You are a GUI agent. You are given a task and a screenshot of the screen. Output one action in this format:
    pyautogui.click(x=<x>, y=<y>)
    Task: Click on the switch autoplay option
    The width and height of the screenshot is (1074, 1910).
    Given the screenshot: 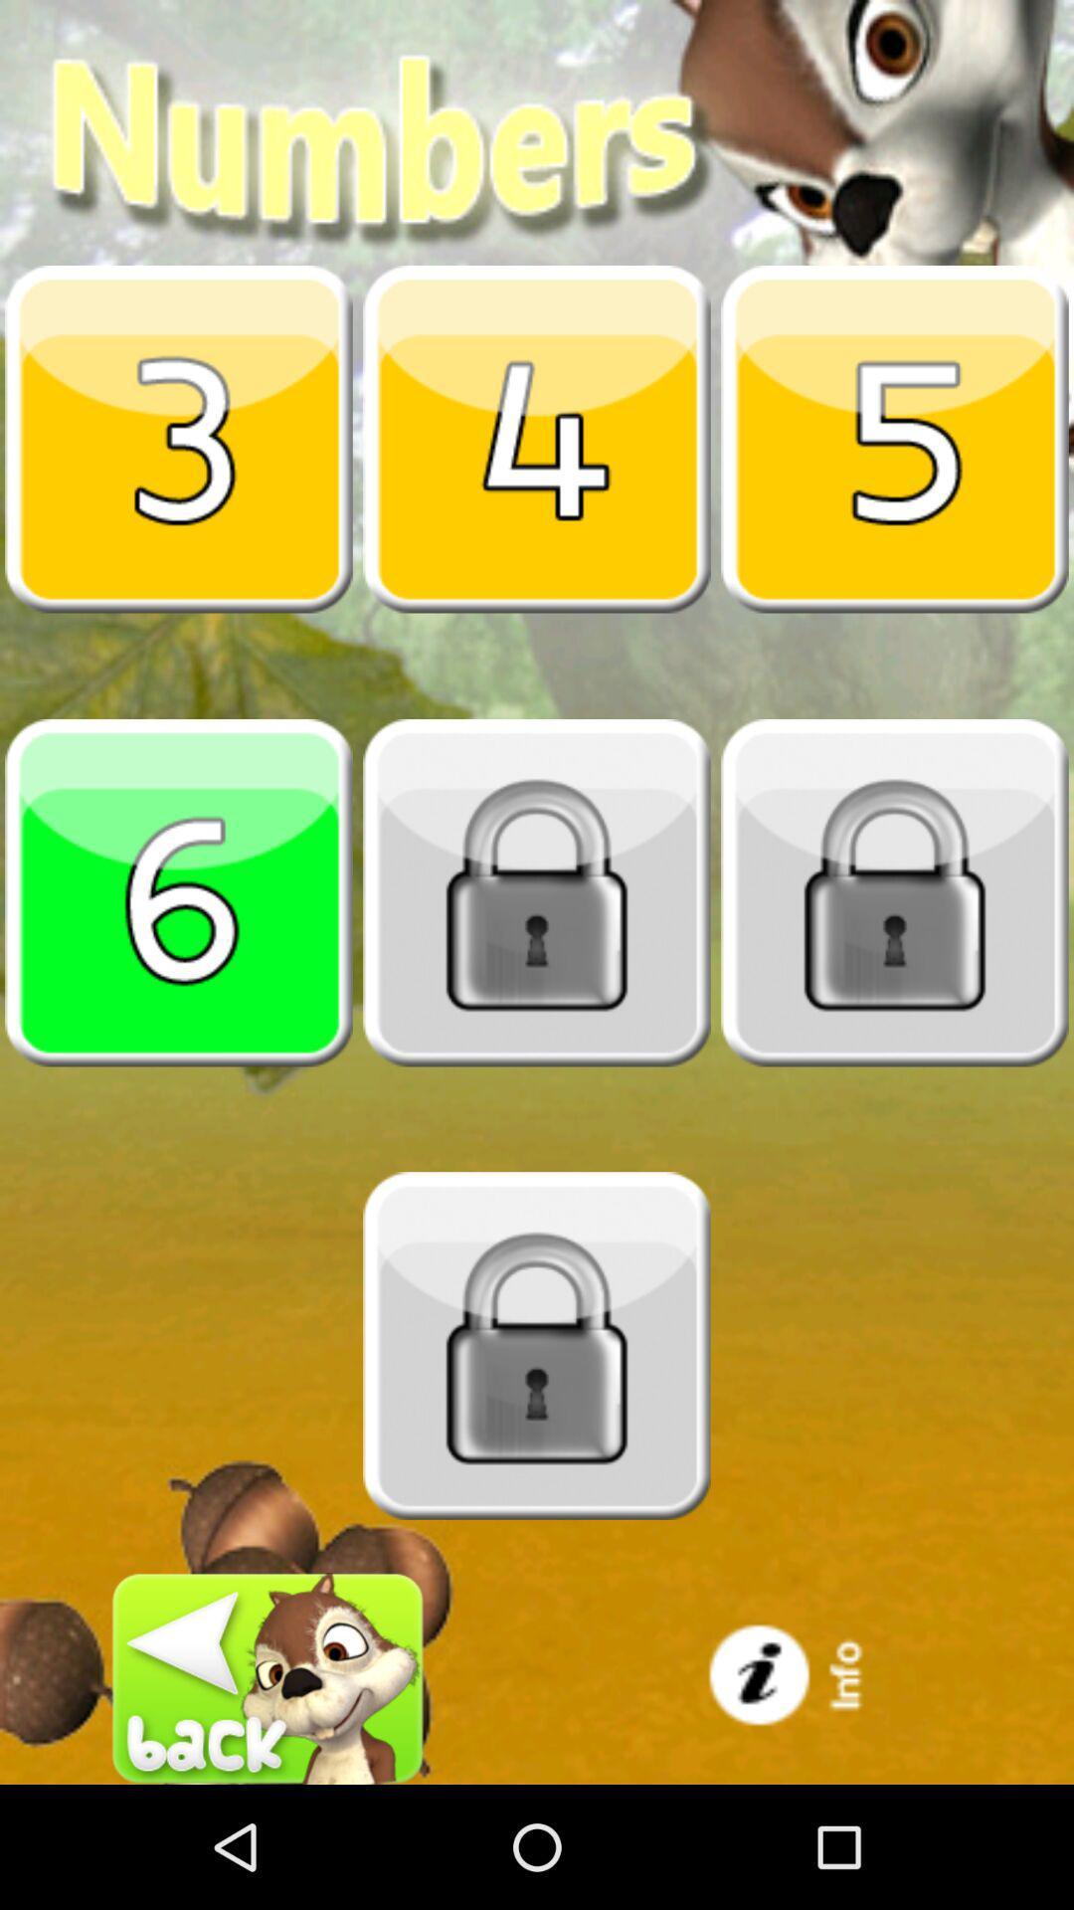 What is the action you would take?
    pyautogui.click(x=179, y=438)
    